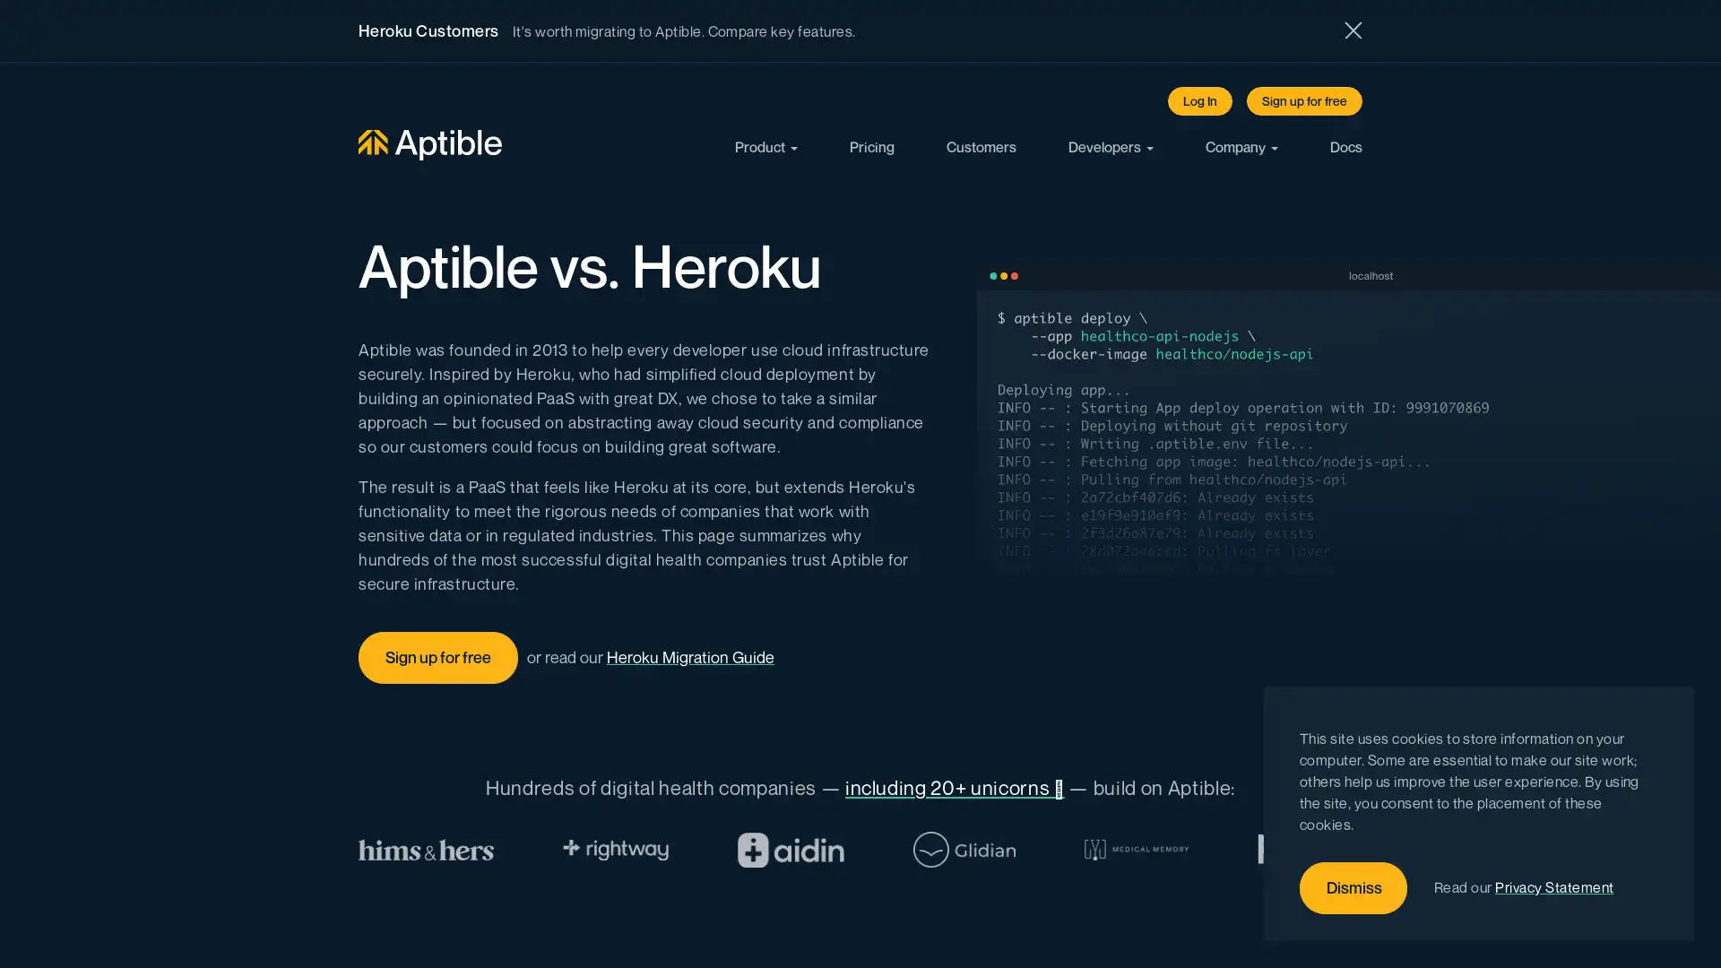  I want to click on Sign up for free, so click(438, 657).